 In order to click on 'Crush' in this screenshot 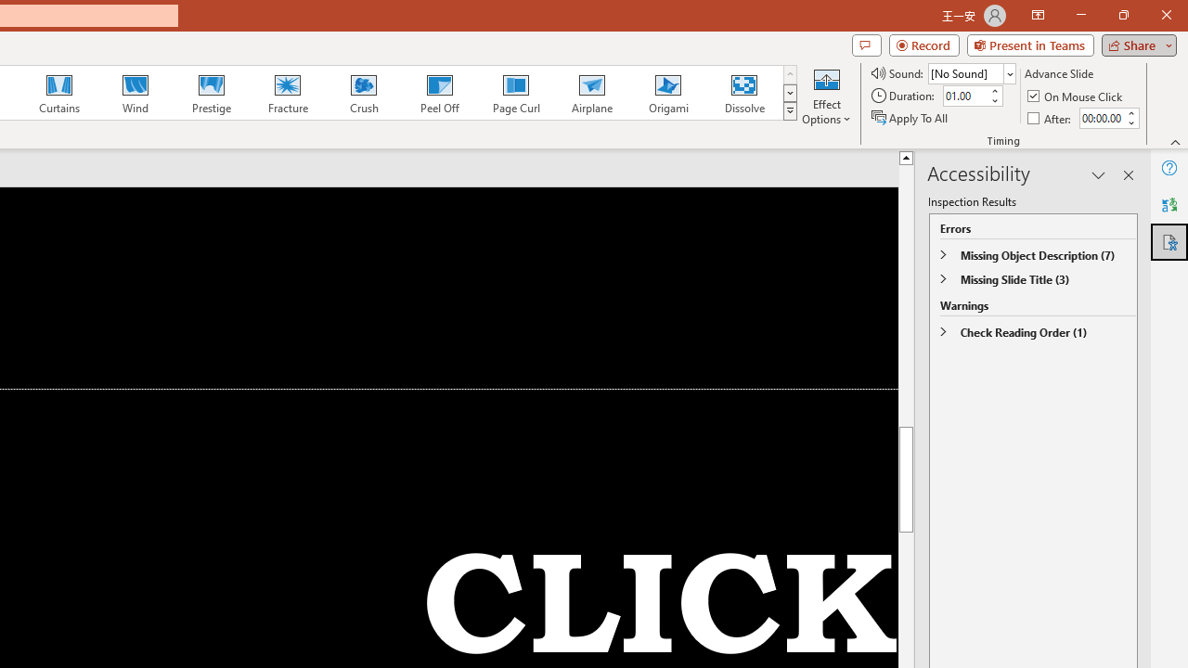, I will do `click(363, 93)`.